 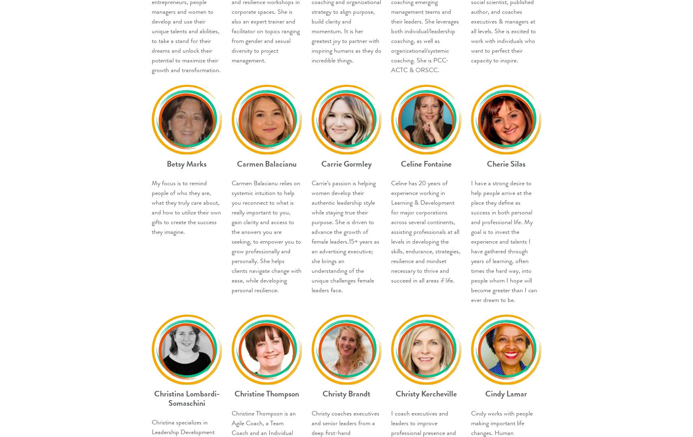 What do you see at coordinates (391, 231) in the screenshot?
I see `'Celine has 20 years of experience working in Learning & Development for major corporations across several continents, assisting professionals at all levels in developing the skills, endurance, strategies, resilience and mindset necessary to thrive and succeed in all areas if life.'` at bounding box center [391, 231].